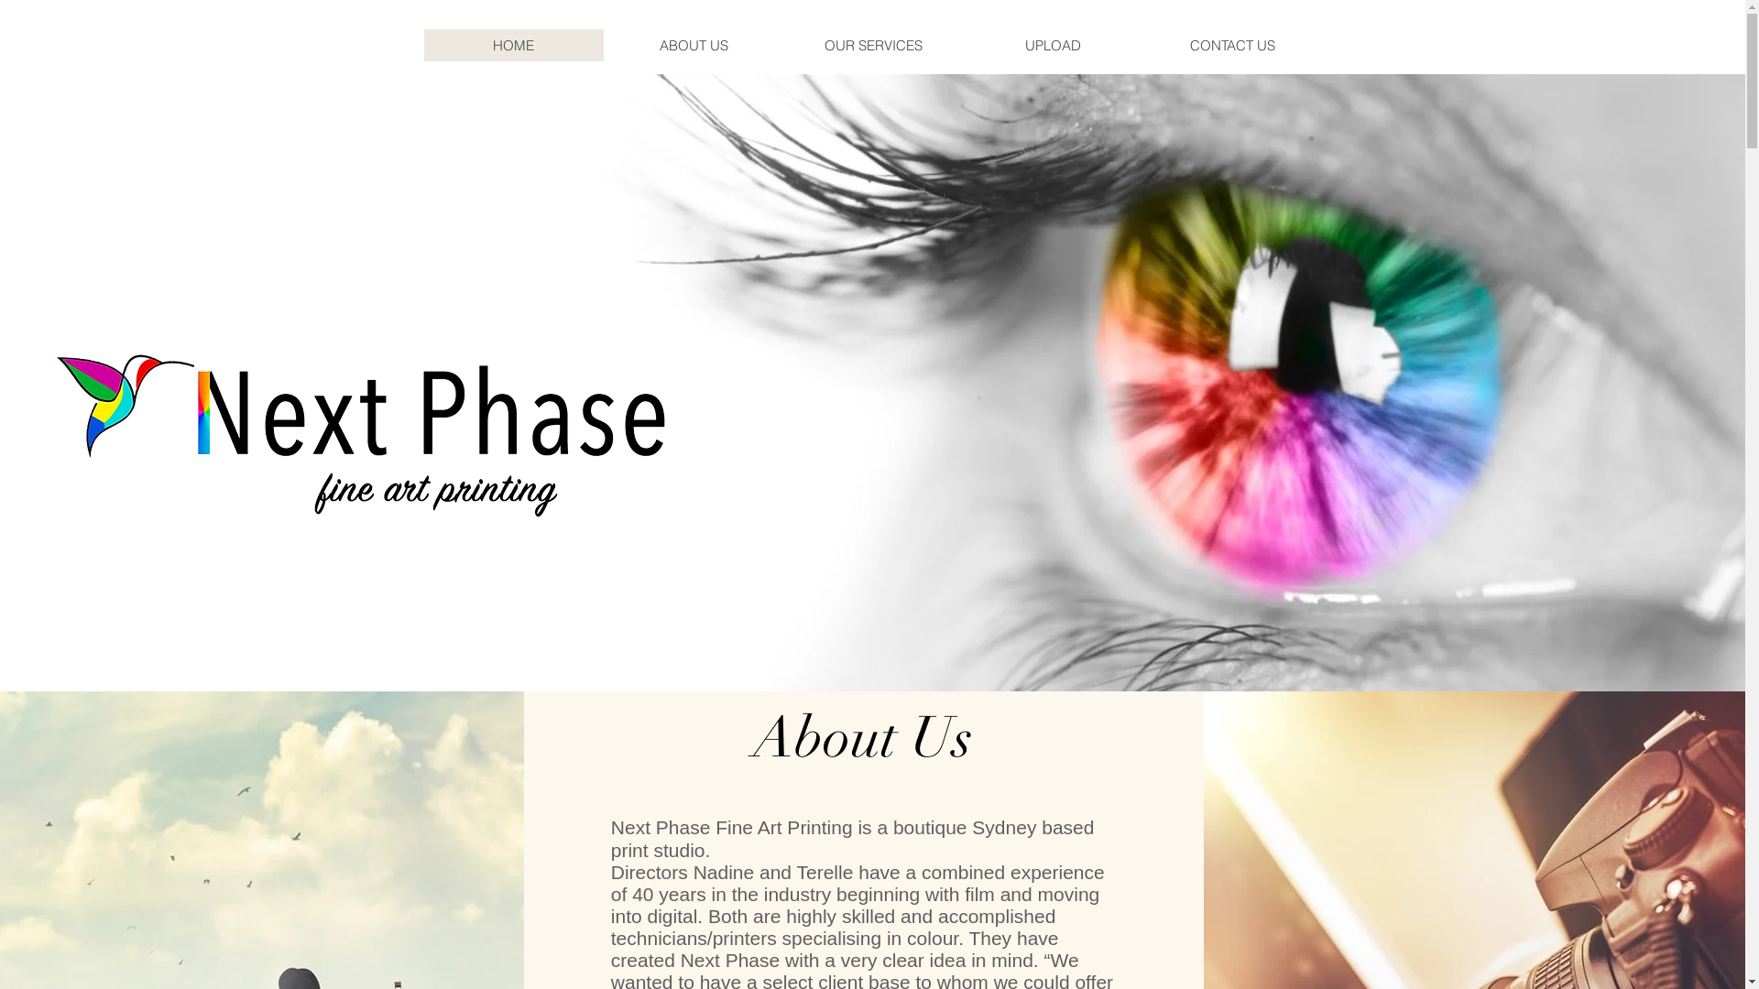 The width and height of the screenshot is (1759, 989). I want to click on 'OUR SERVICES', so click(870, 44).